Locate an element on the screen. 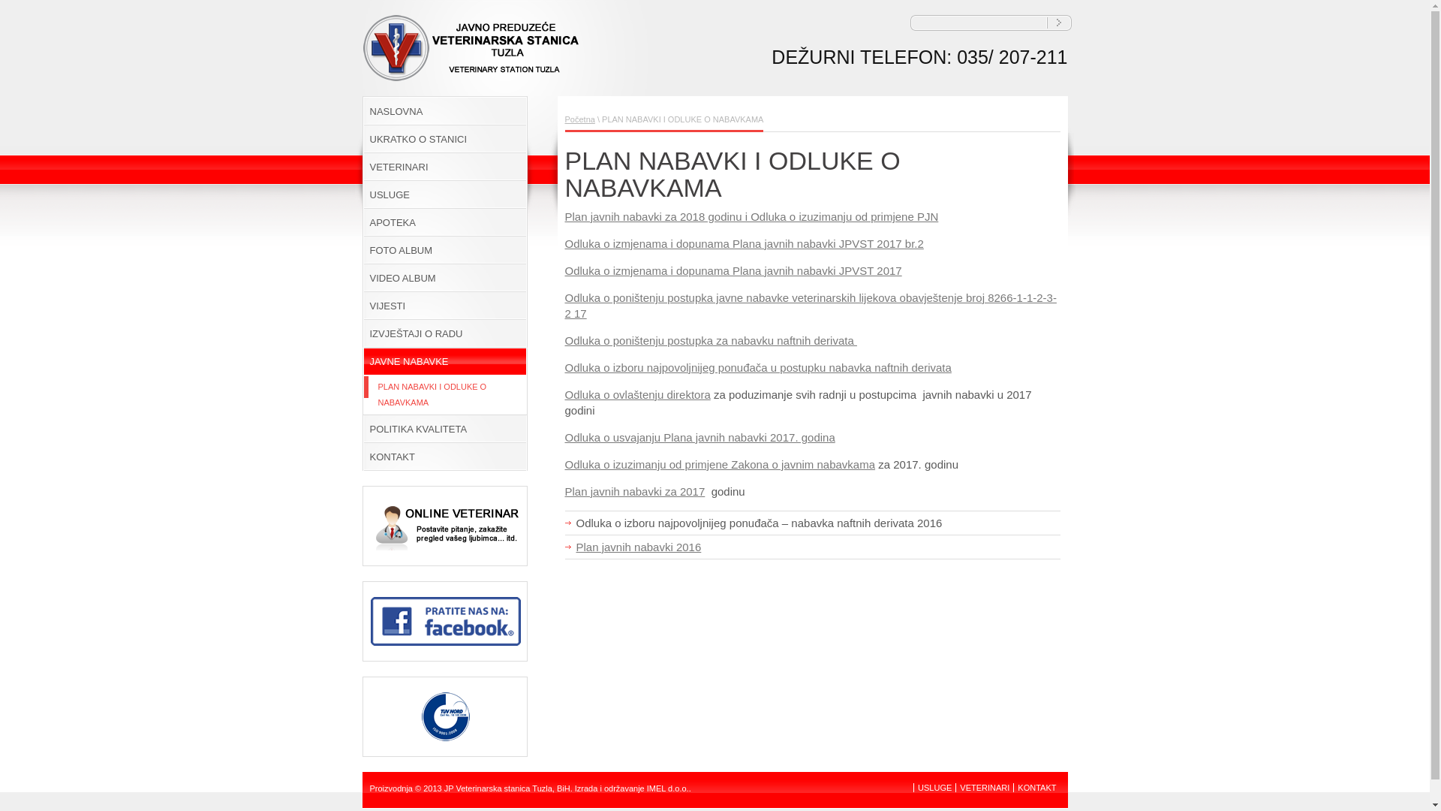  'UKRATKO O STANICI' is located at coordinates (443, 139).